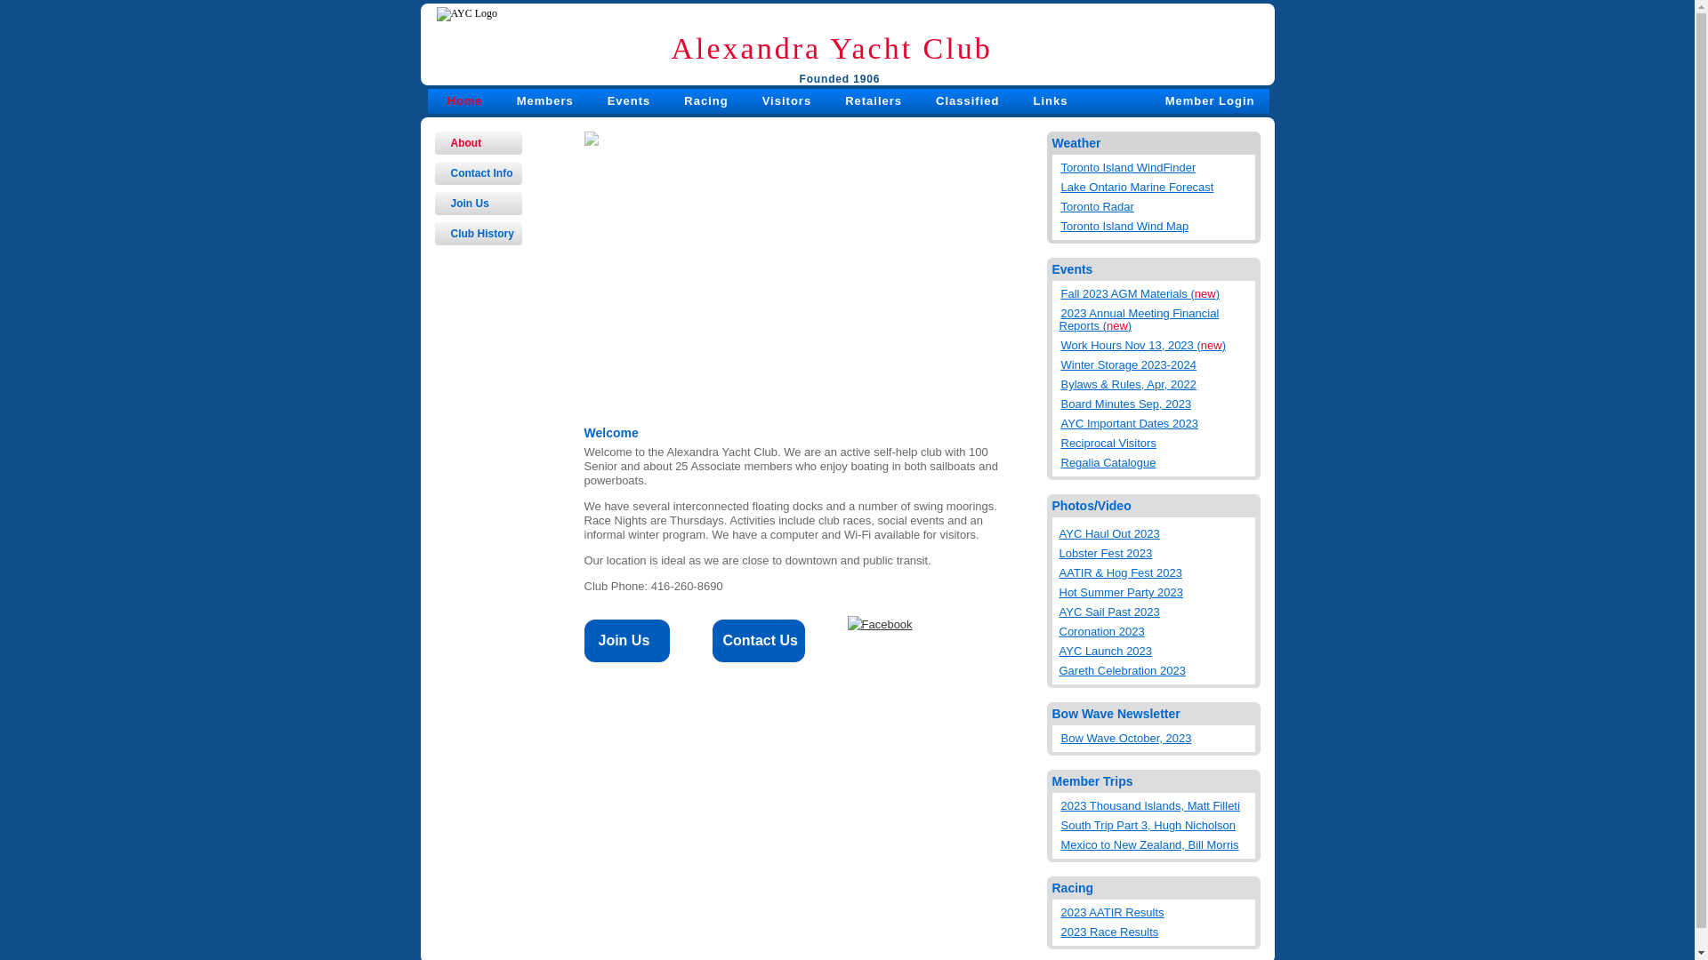  What do you see at coordinates (478, 232) in the screenshot?
I see `'Club History'` at bounding box center [478, 232].